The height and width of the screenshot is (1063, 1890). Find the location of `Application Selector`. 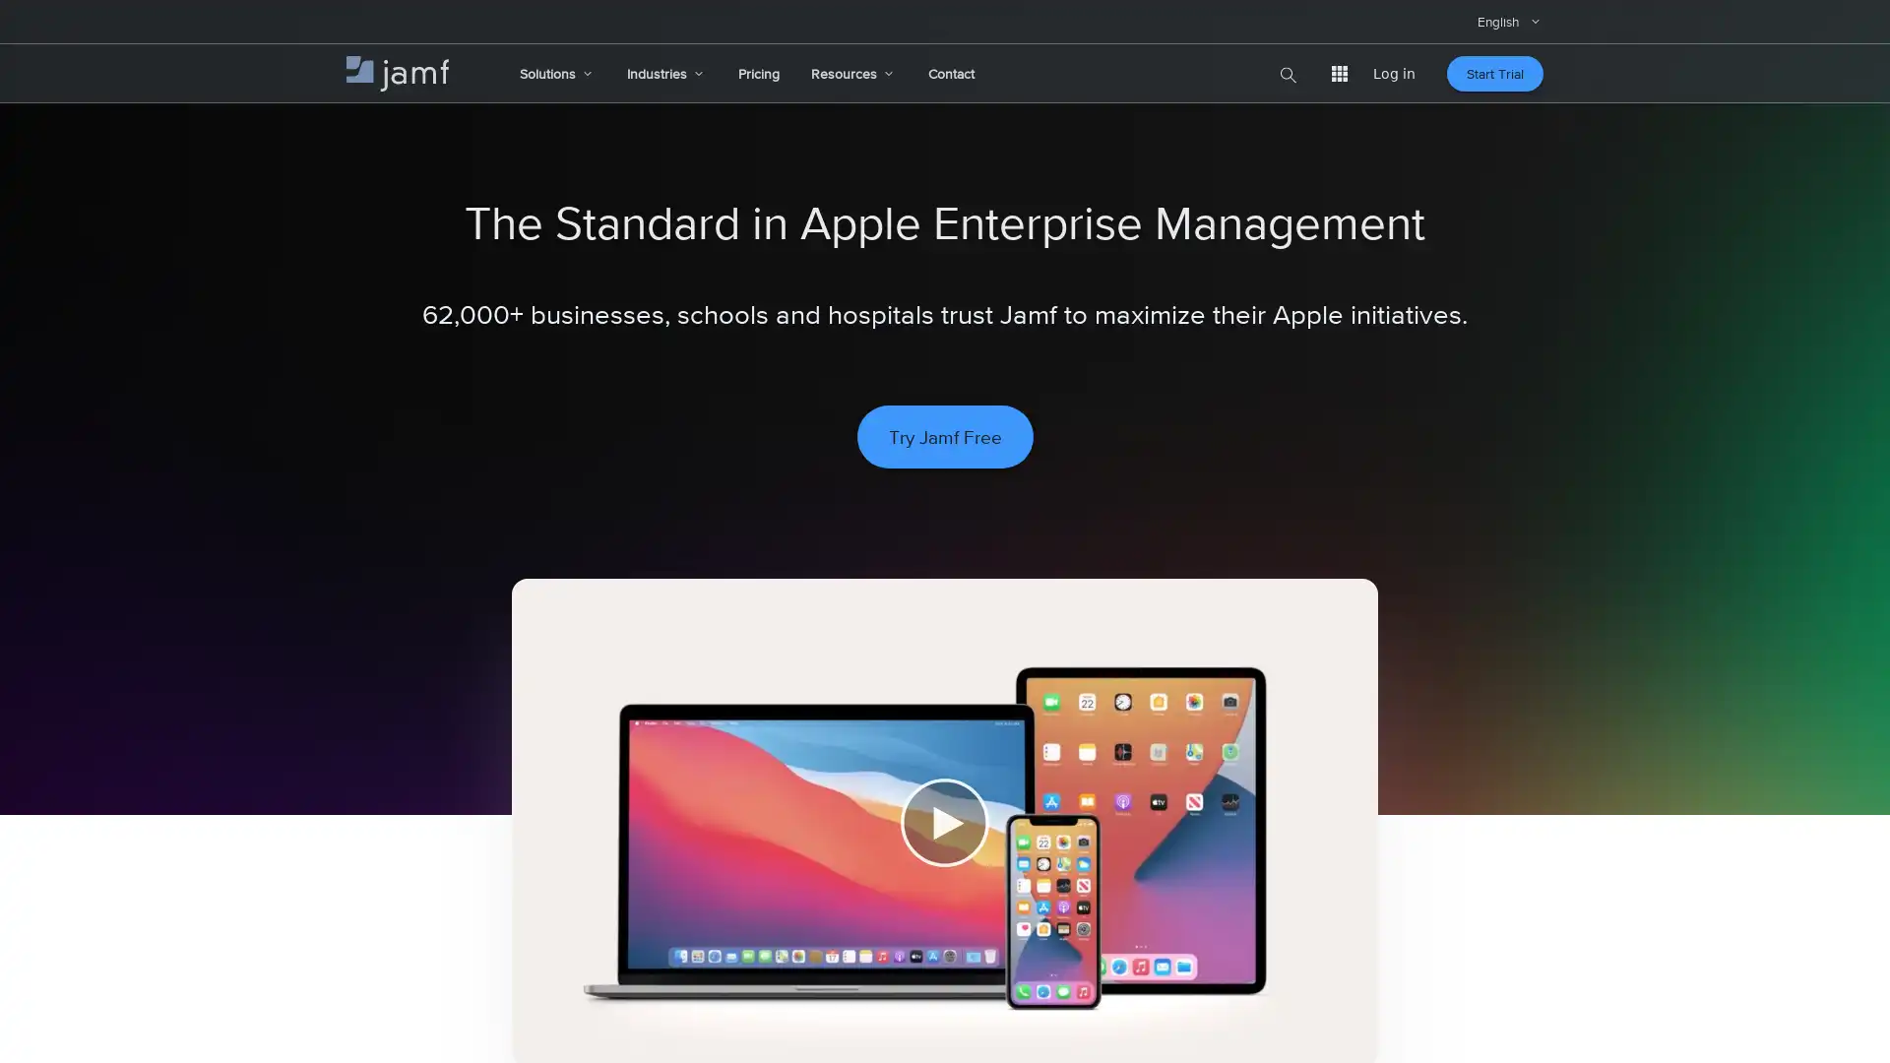

Application Selector is located at coordinates (1339, 72).